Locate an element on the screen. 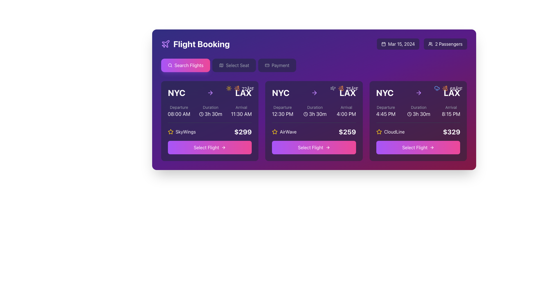 The width and height of the screenshot is (540, 303). the star icon that indicates a noteworthy flight option, located in the last card of the third column, to the left of the 'CloudLine' text is located at coordinates (379, 132).